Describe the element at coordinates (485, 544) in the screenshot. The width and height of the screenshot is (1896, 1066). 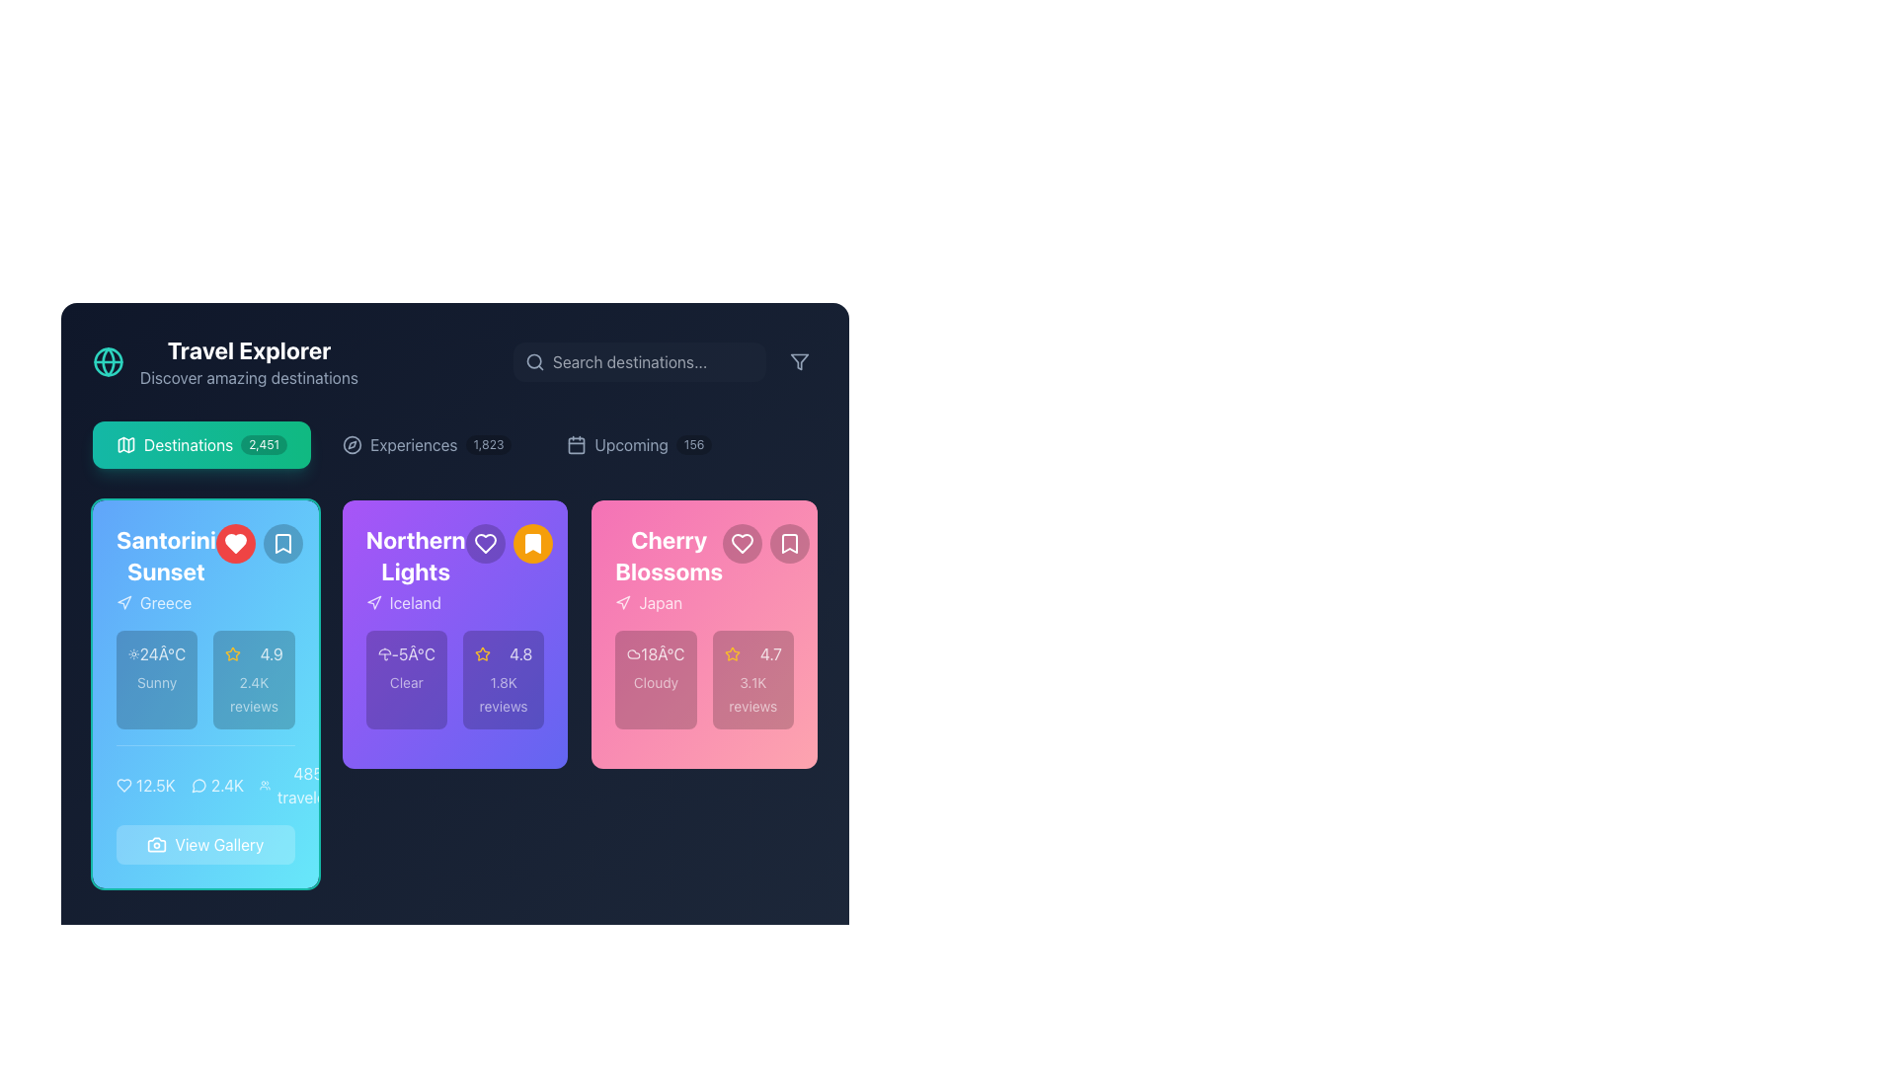
I see `the circular heart icon button located in the top-right corner of the purple card labeled 'Northern Lights' to favorite or like` at that location.